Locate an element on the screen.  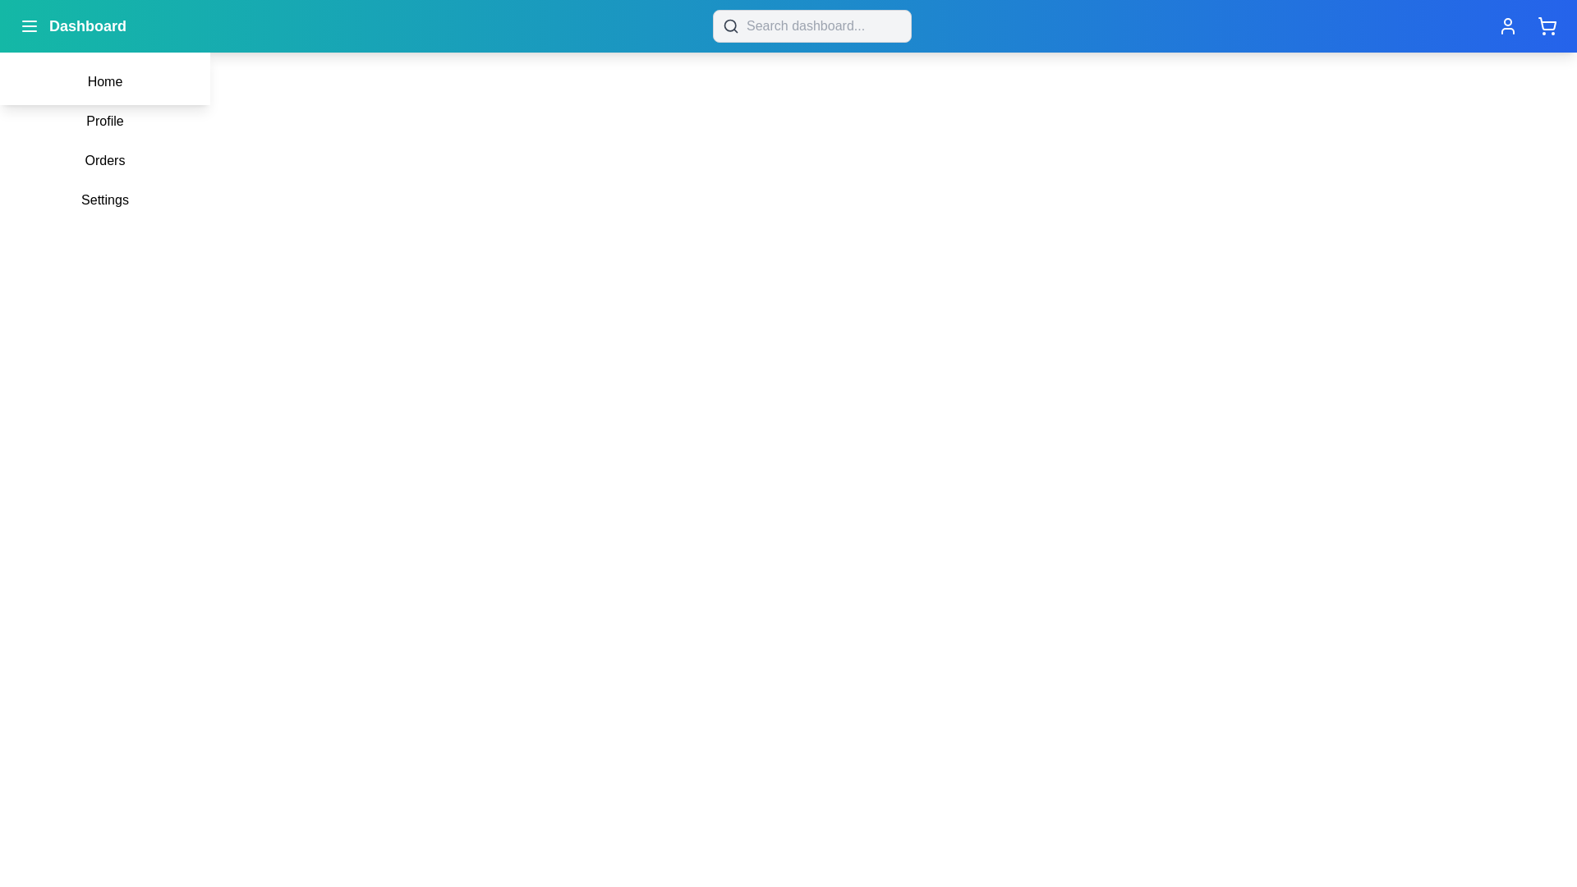
the dark gray decorative search icon styled as a magnifying glass located at the left side of the search input field in the top center of the interface is located at coordinates (730, 25).